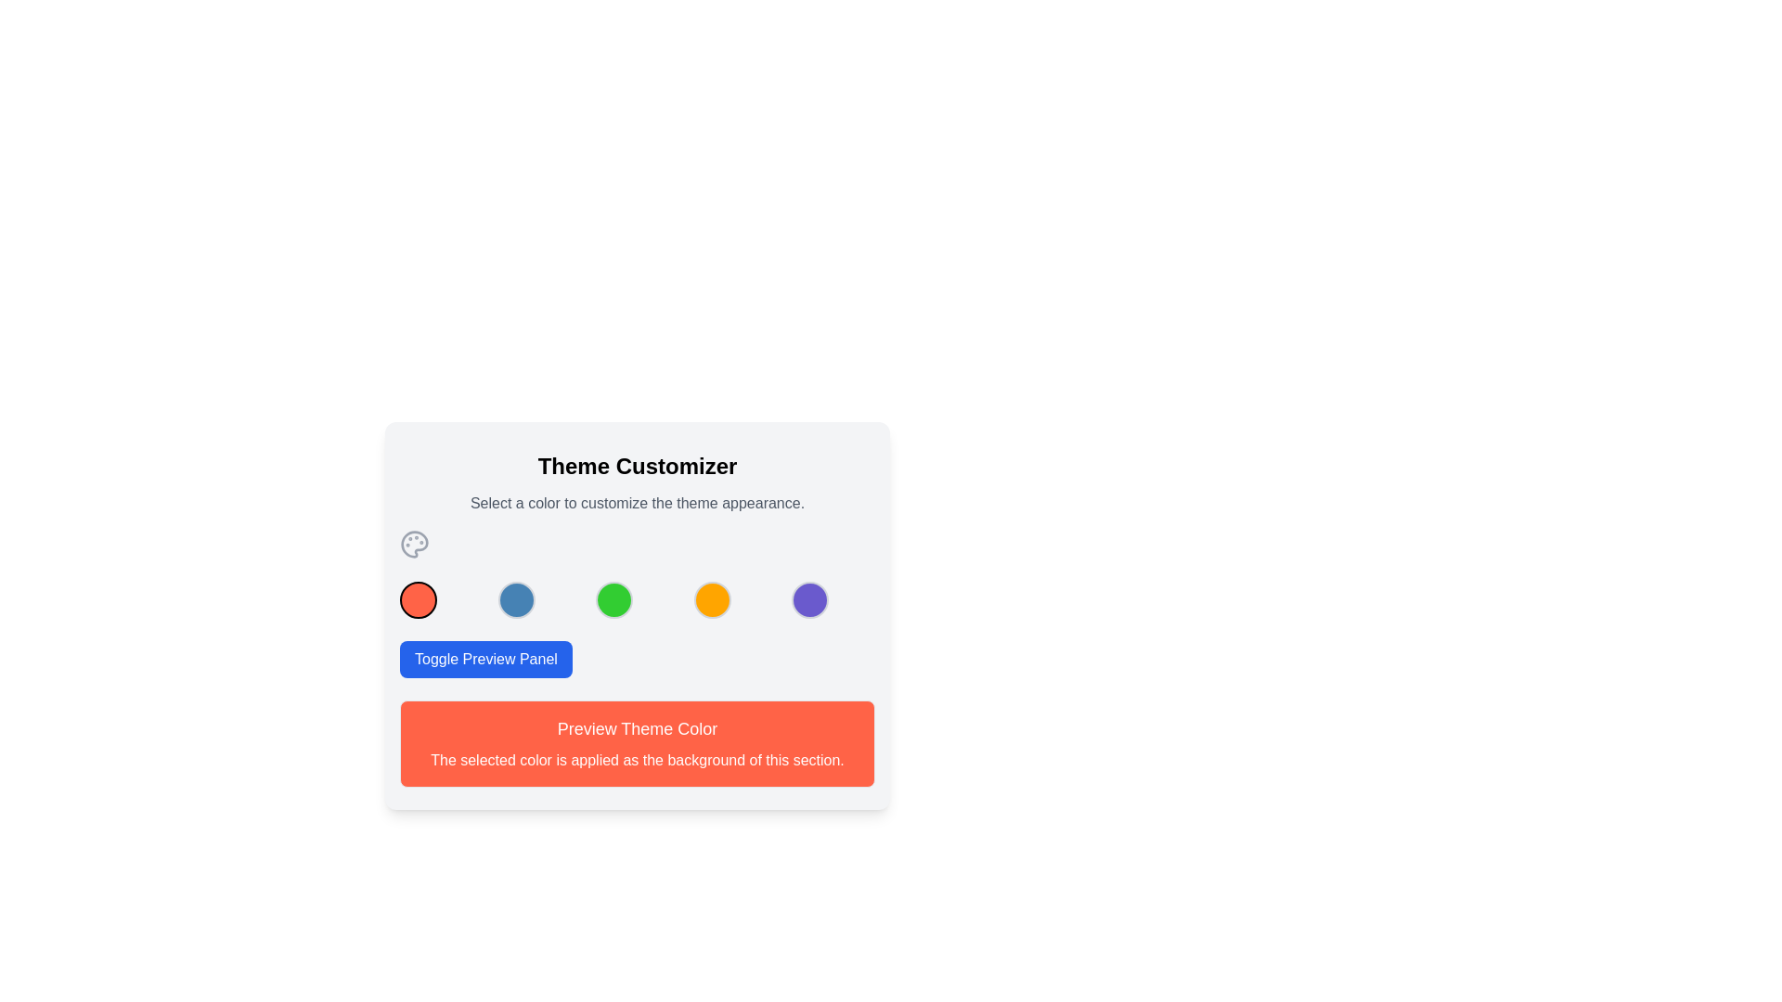  Describe the element at coordinates (637, 615) in the screenshot. I see `the rounded green Color selector button located in the Theme Customizer section` at that location.